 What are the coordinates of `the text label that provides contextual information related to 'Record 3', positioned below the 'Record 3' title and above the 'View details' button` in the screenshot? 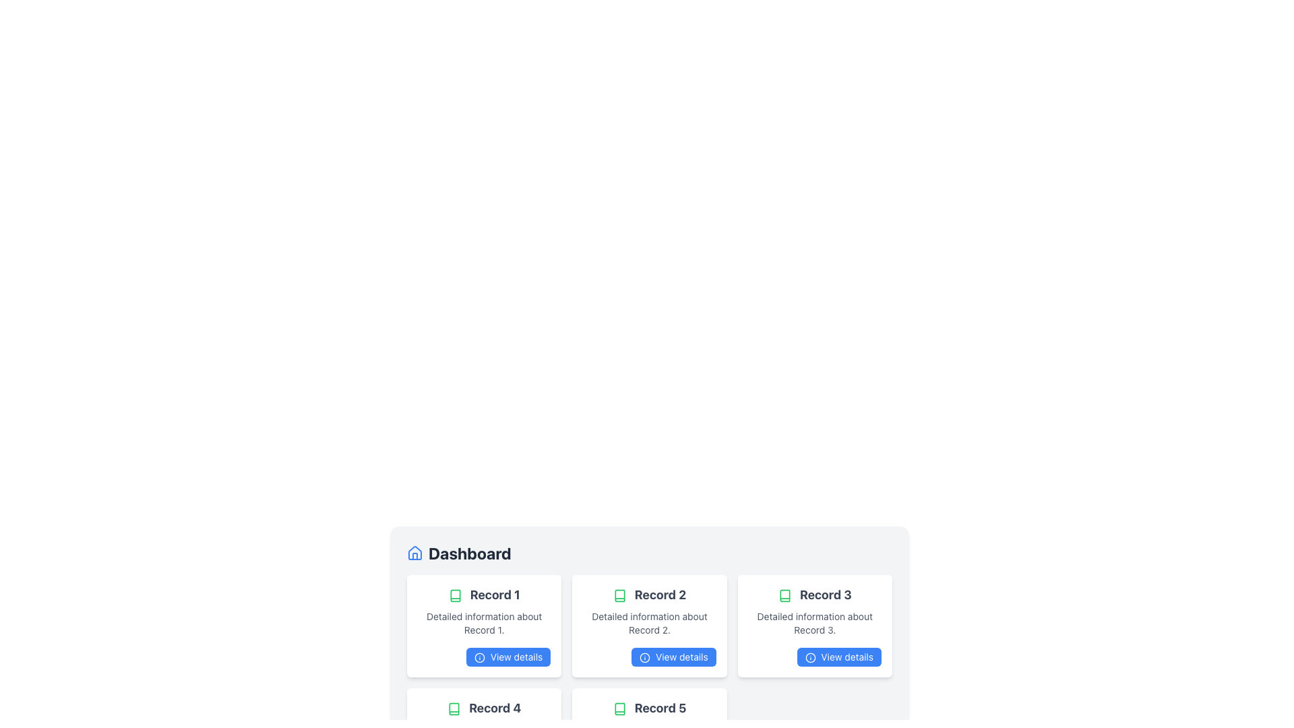 It's located at (814, 624).